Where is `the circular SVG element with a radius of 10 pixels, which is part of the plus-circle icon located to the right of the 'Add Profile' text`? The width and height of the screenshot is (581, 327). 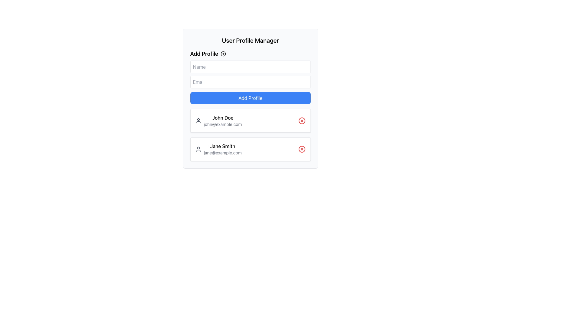 the circular SVG element with a radius of 10 pixels, which is part of the plus-circle icon located to the right of the 'Add Profile' text is located at coordinates (223, 53).